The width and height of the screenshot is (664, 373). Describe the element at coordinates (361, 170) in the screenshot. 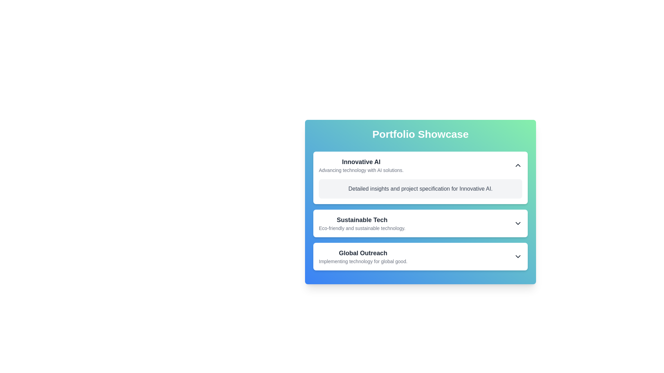

I see `the text label saying 'Advancing technology with AI solutions.' which is located below the heading 'Innovative AI' in the first card of the 'Portfolio Showcase'` at that location.